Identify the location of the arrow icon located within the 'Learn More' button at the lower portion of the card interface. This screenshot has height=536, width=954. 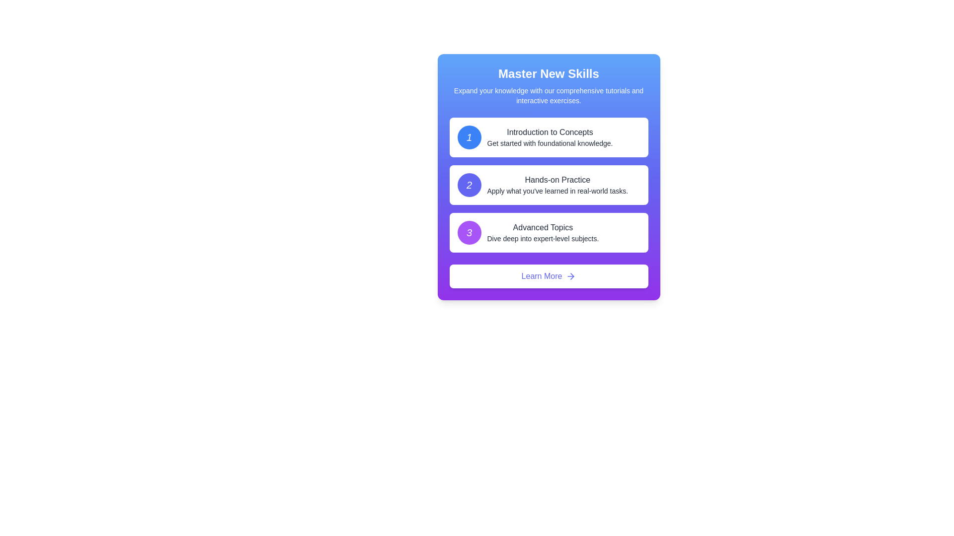
(571, 276).